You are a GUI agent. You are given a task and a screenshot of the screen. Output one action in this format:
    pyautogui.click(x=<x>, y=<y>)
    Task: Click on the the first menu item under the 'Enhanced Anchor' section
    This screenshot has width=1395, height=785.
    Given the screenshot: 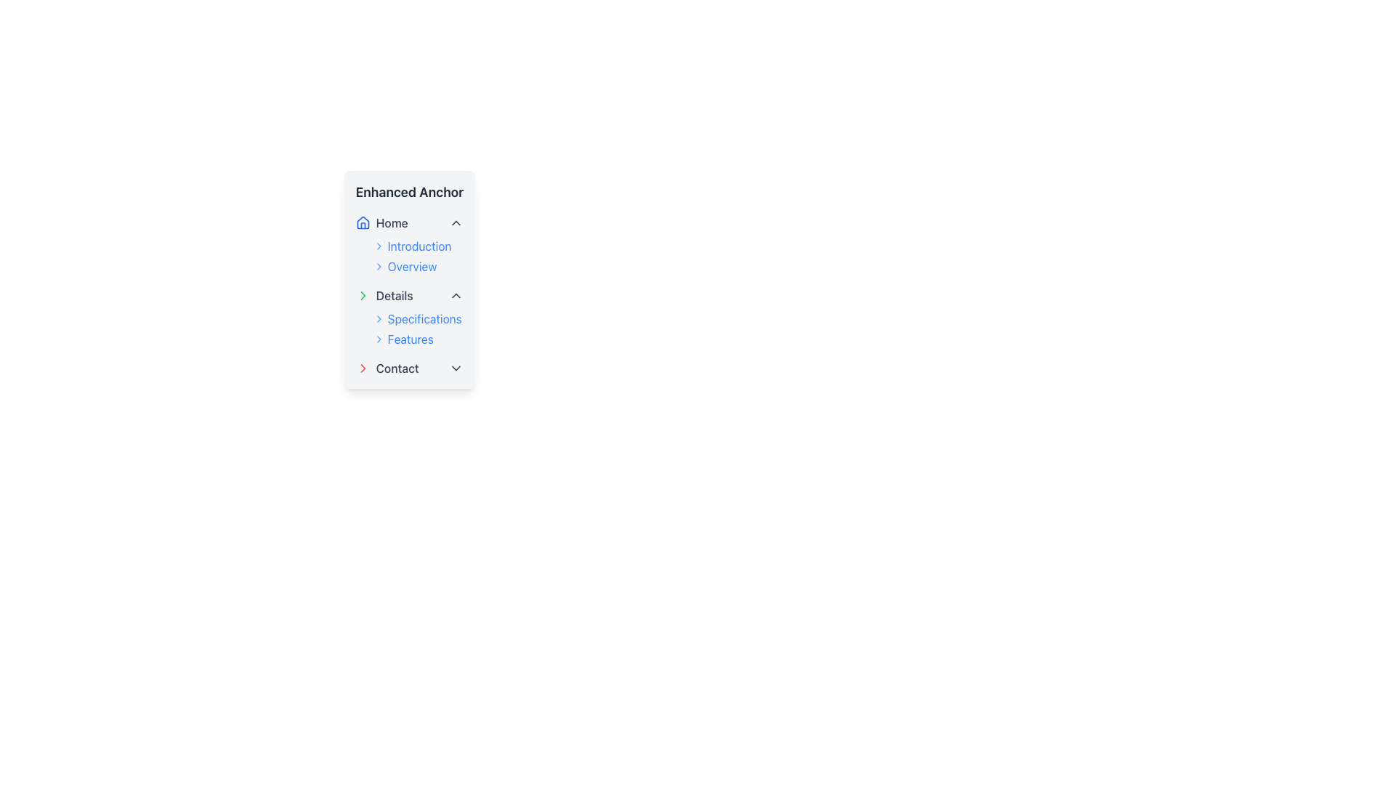 What is the action you would take?
    pyautogui.click(x=409, y=223)
    